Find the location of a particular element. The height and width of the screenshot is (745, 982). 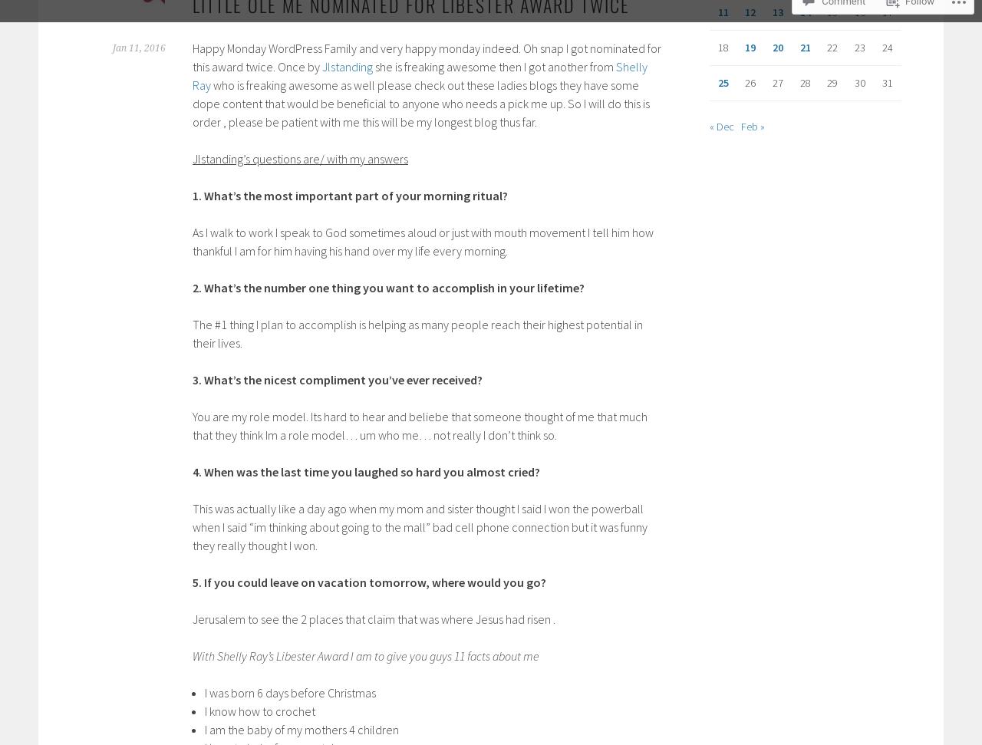

'17' is located at coordinates (886, 12).